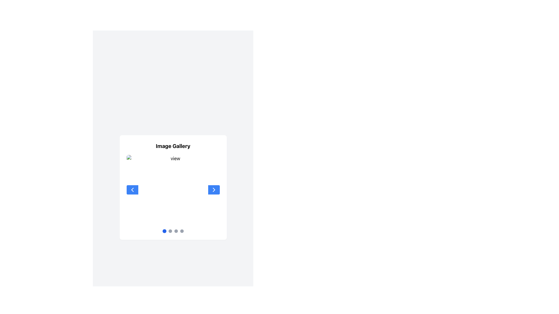 This screenshot has width=559, height=314. I want to click on the left-facing chevron icon within the blue rectangular button, so click(132, 190).